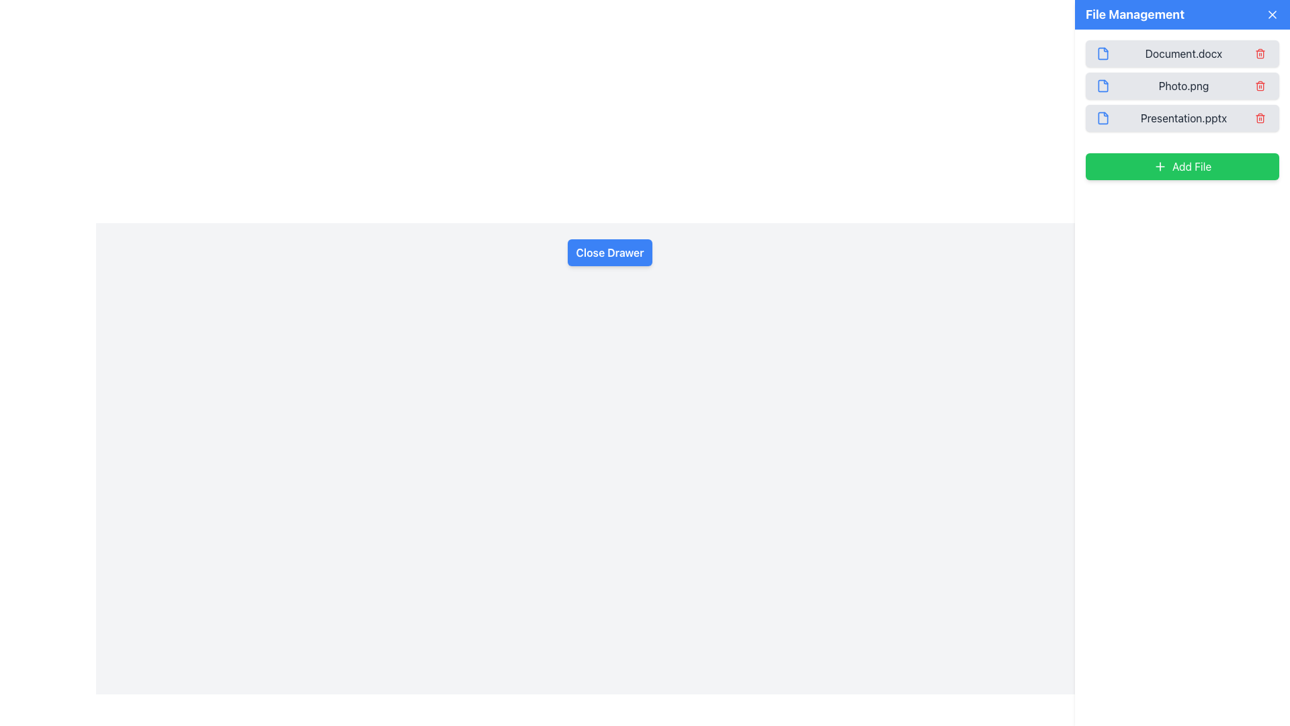  I want to click on the delete button associated with the file entry labeled 'Photo.png' in the 'File Management' panel, so click(1260, 85).